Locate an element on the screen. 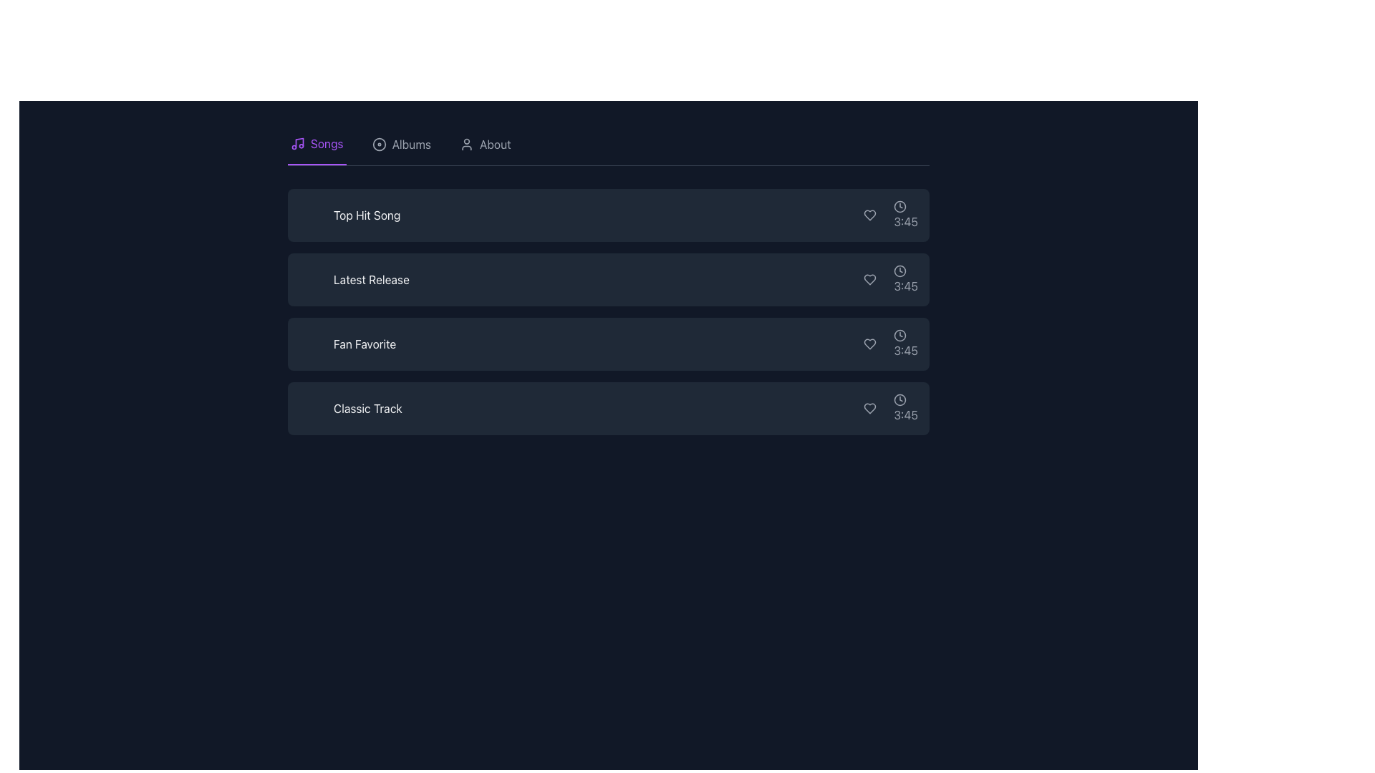 Image resolution: width=1375 pixels, height=773 pixels. the favorite button located in the third row of the list, which is the first icon to the left of the time indicator '3:45' and to the right of the item's description is located at coordinates (869, 344).